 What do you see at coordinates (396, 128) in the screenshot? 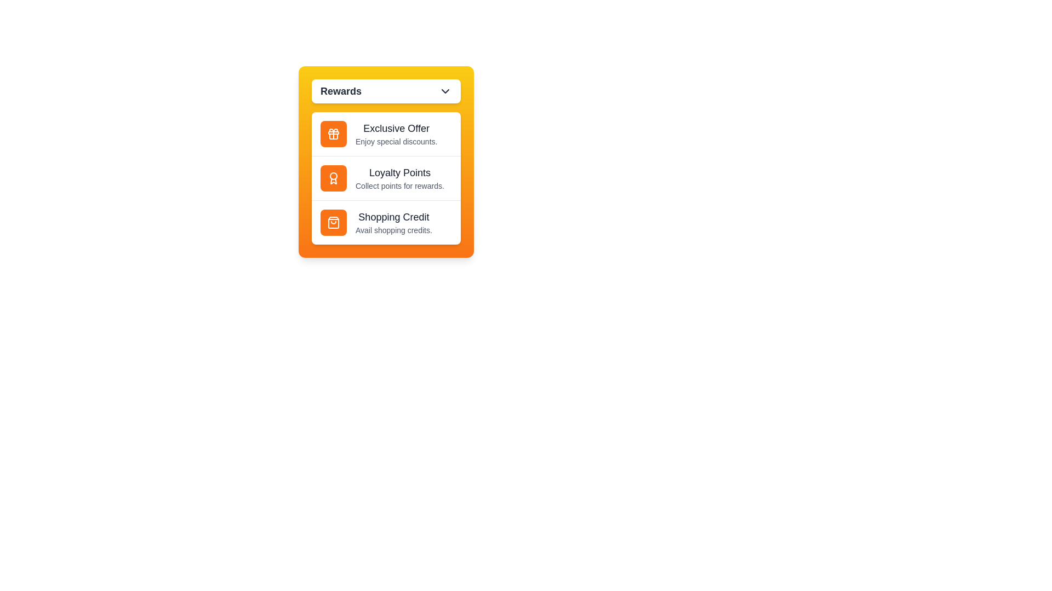
I see `the 'Exclusive Offer' text label` at bounding box center [396, 128].